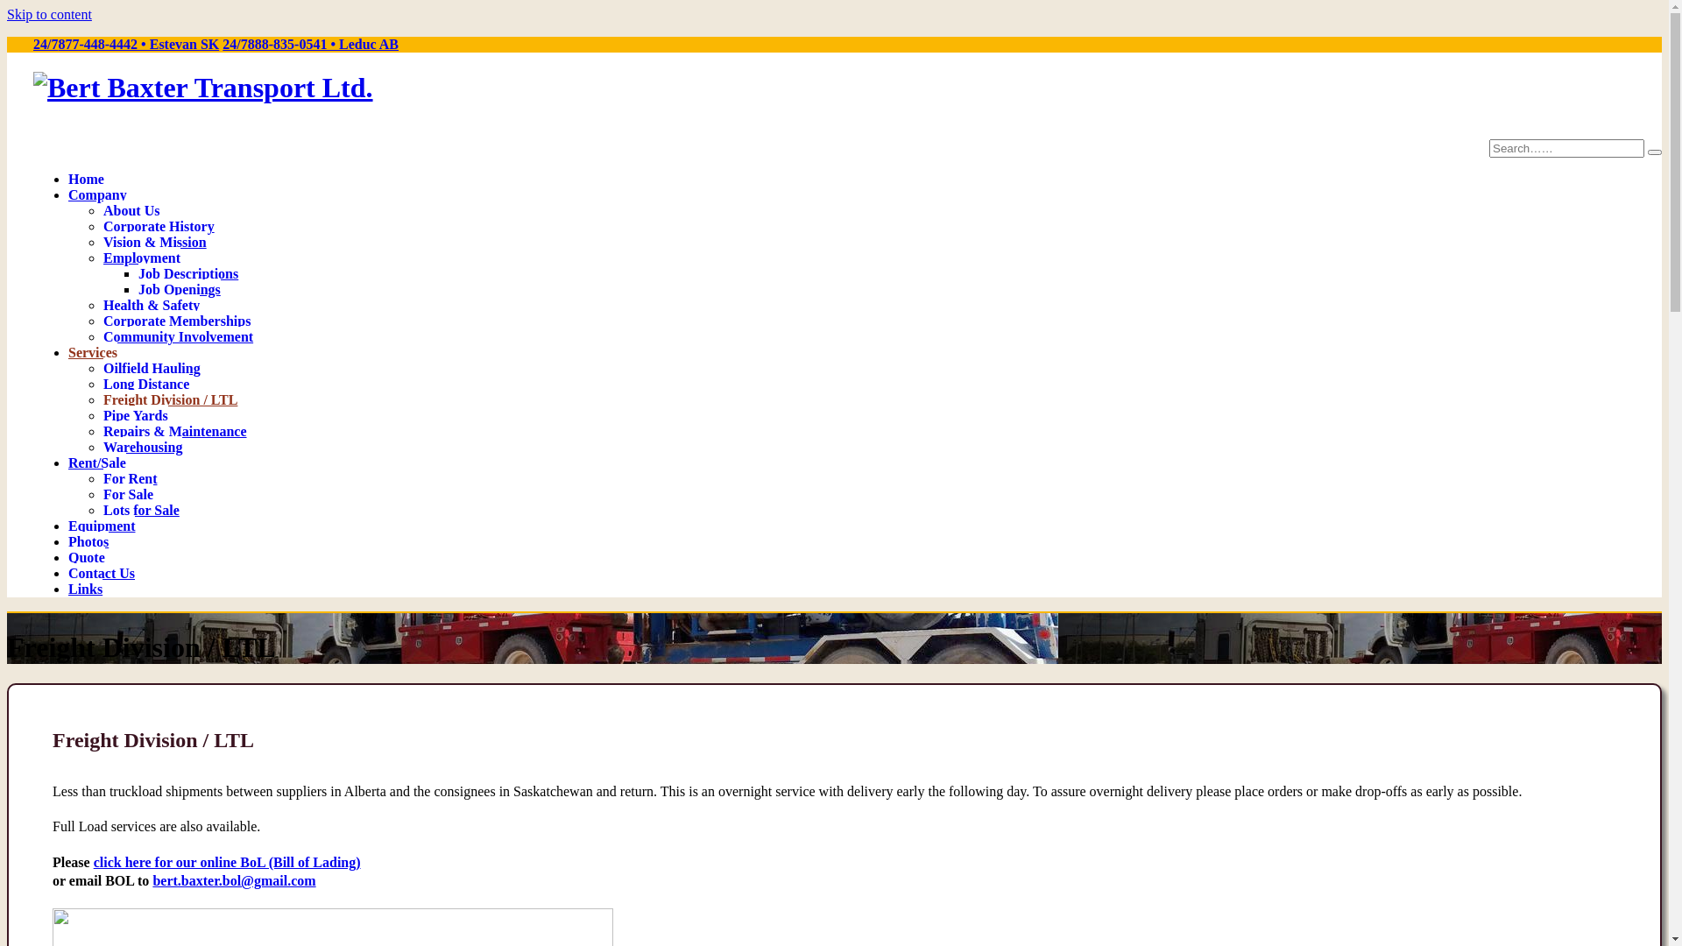  What do you see at coordinates (100, 523) in the screenshot?
I see `'Equipment'` at bounding box center [100, 523].